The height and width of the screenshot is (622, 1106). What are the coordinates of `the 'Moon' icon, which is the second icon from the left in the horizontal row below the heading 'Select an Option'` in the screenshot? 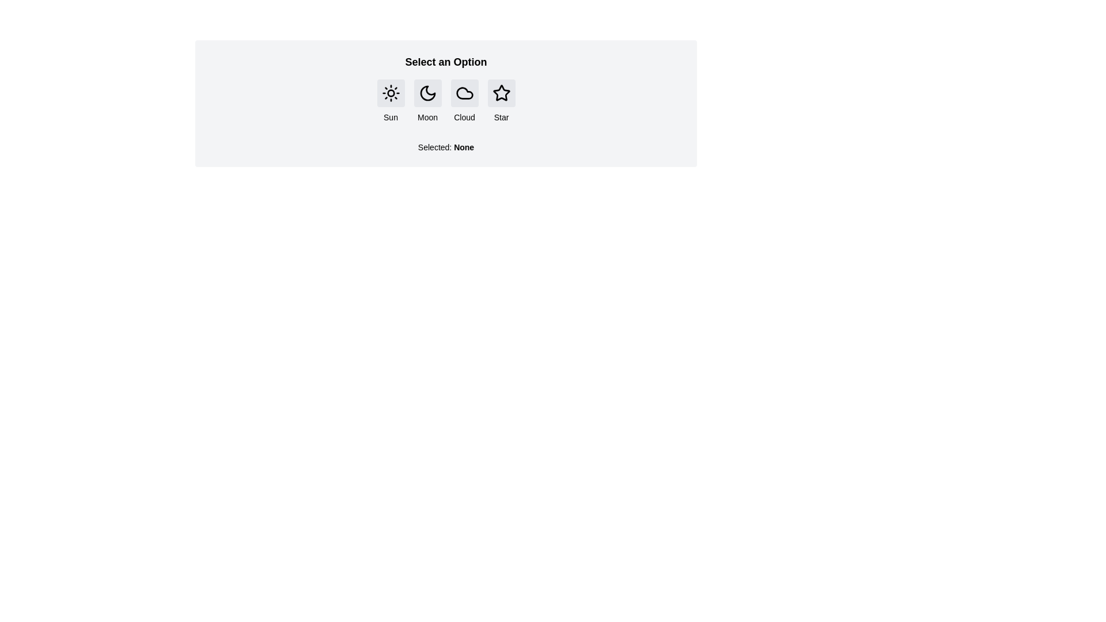 It's located at (427, 93).